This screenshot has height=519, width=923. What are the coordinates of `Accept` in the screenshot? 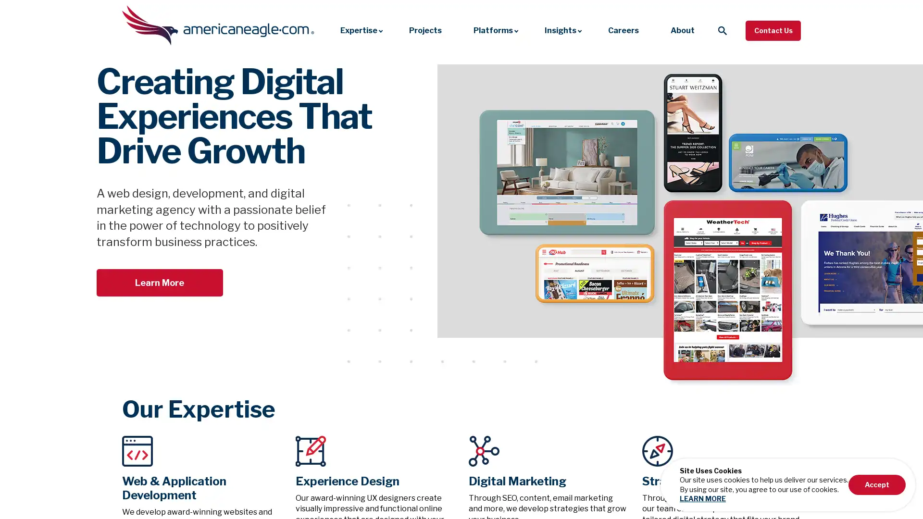 It's located at (877, 484).